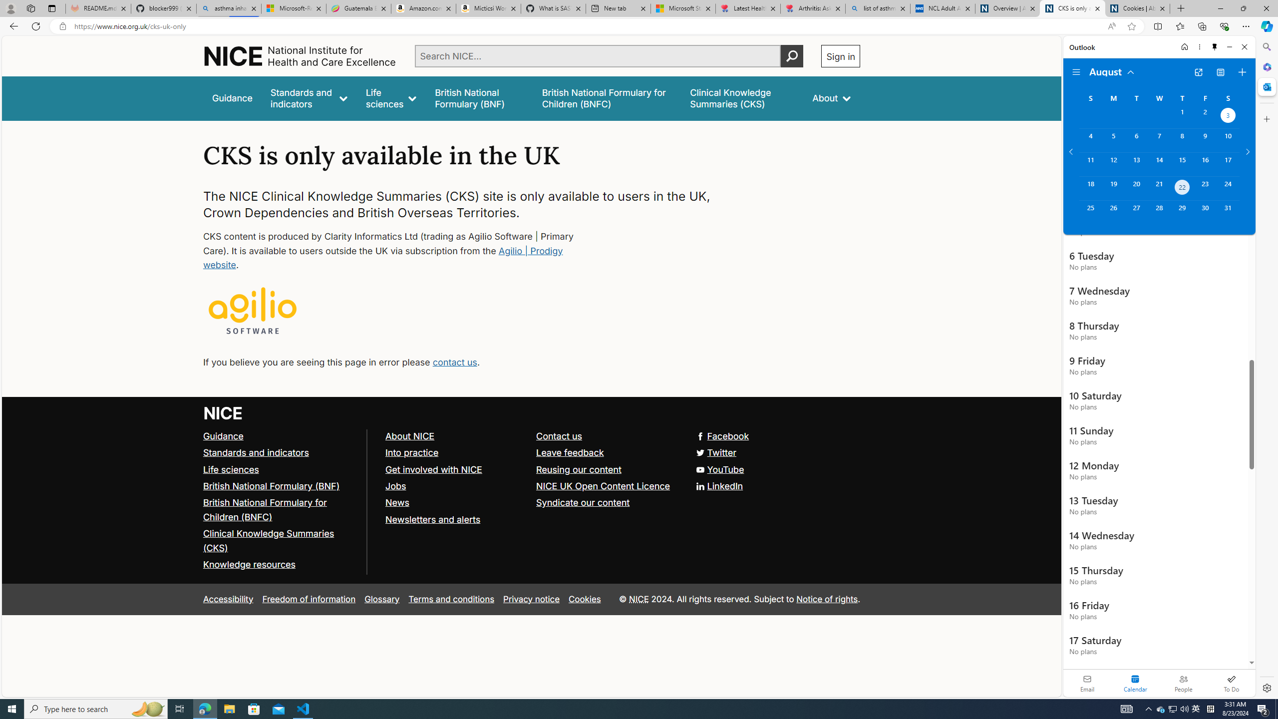 This screenshot has height=719, width=1278. What do you see at coordinates (578, 468) in the screenshot?
I see `'Reusing our content'` at bounding box center [578, 468].